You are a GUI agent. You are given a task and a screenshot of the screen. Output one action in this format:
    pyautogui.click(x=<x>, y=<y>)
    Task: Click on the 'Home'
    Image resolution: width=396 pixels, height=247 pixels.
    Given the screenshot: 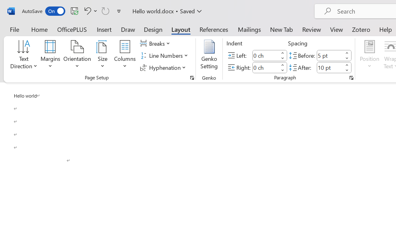 What is the action you would take?
    pyautogui.click(x=39, y=29)
    